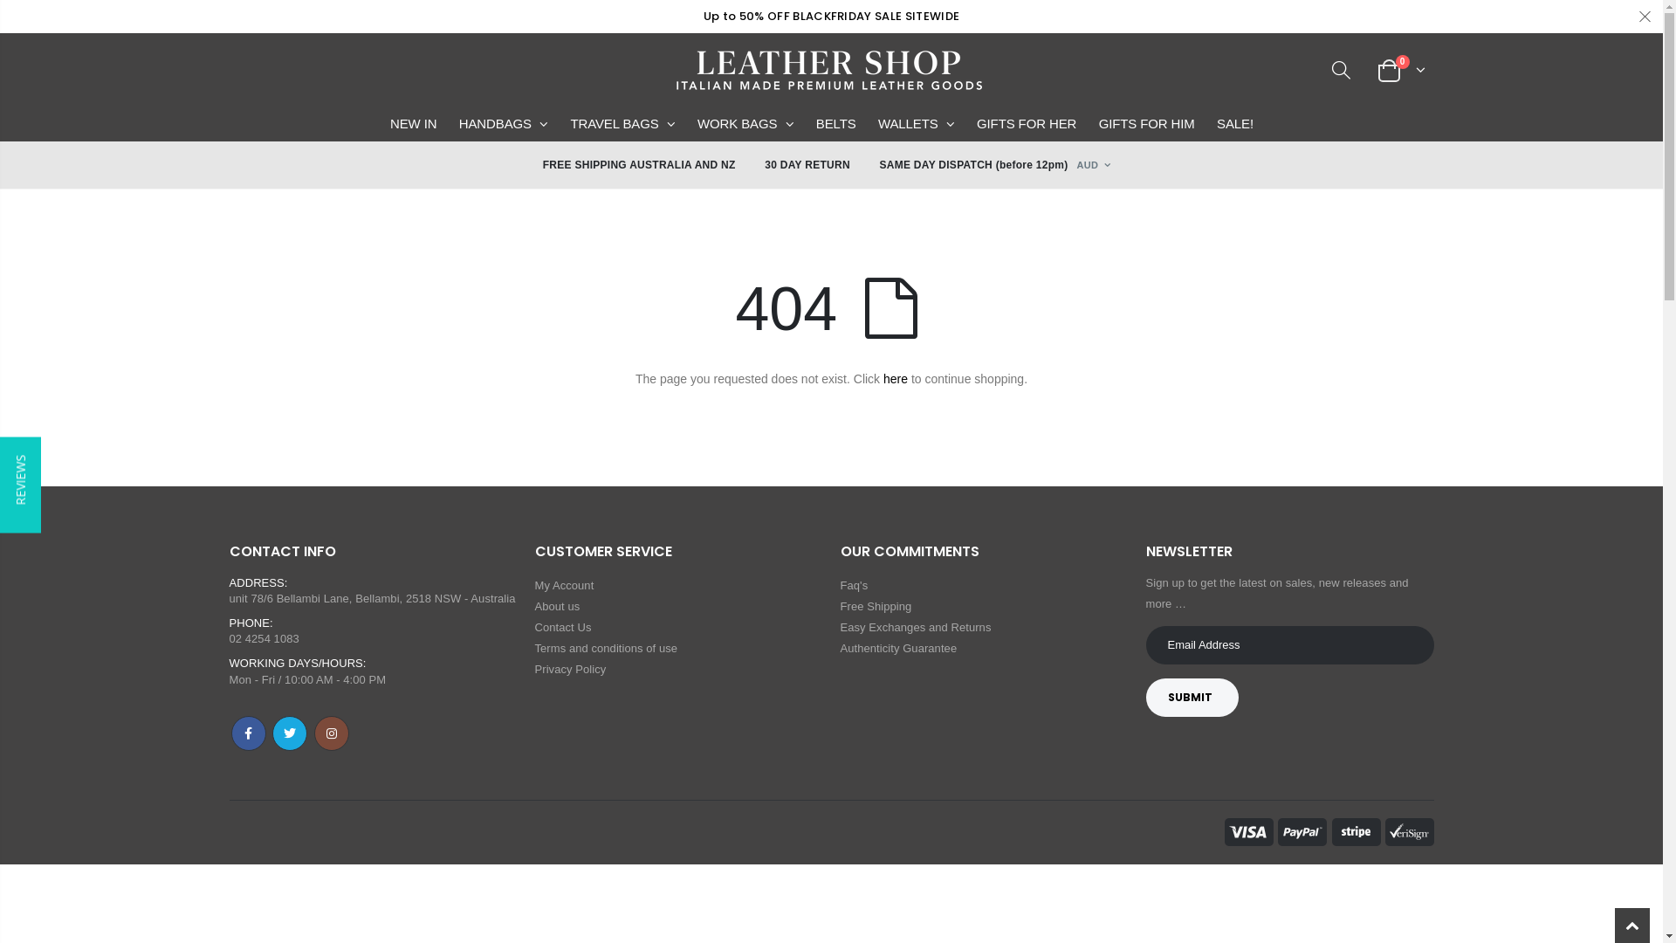 Image resolution: width=1676 pixels, height=943 pixels. What do you see at coordinates (459, 118) in the screenshot?
I see `'HANDBAGS'` at bounding box center [459, 118].